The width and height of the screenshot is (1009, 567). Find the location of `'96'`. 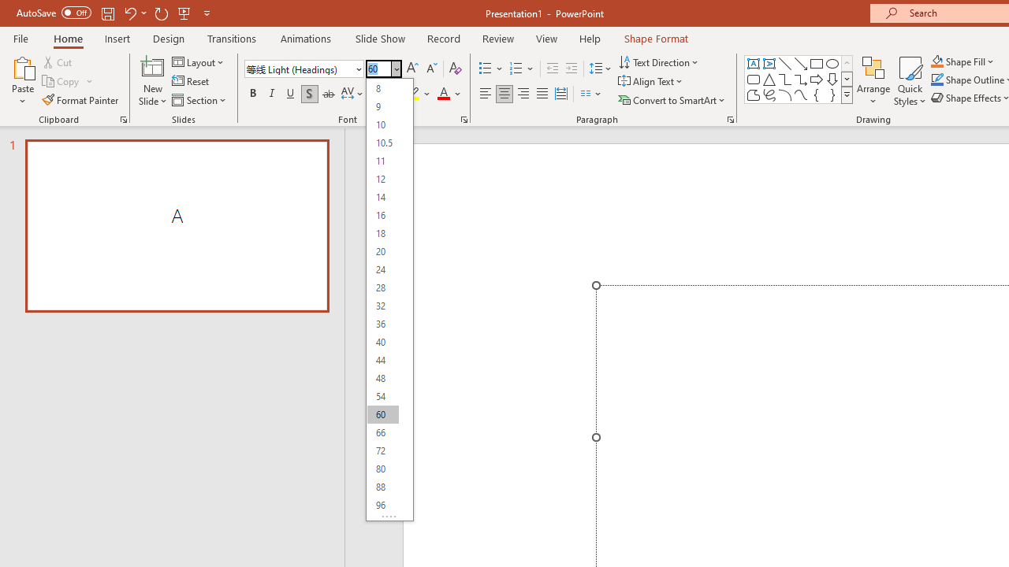

'96' is located at coordinates (382, 505).